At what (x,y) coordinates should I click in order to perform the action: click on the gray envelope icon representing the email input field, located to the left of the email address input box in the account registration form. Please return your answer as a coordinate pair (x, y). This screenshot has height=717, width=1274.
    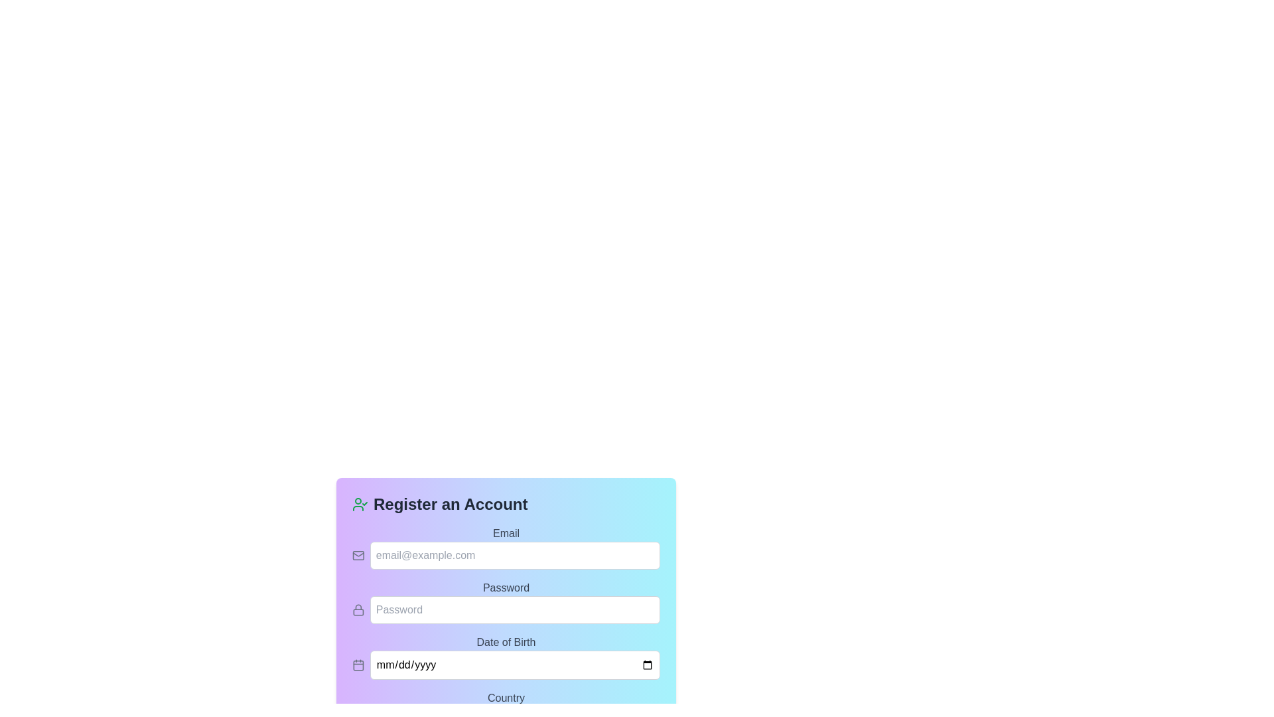
    Looking at the image, I should click on (358, 556).